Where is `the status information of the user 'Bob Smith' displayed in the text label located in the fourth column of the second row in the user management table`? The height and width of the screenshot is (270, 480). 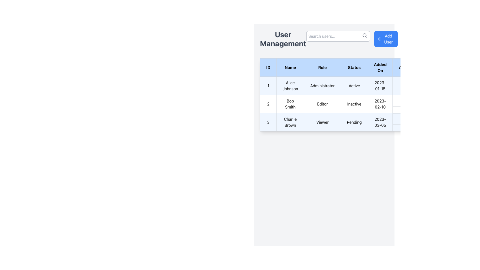 the status information of the user 'Bob Smith' displayed in the text label located in the fourth column of the second row in the user management table is located at coordinates (354, 104).